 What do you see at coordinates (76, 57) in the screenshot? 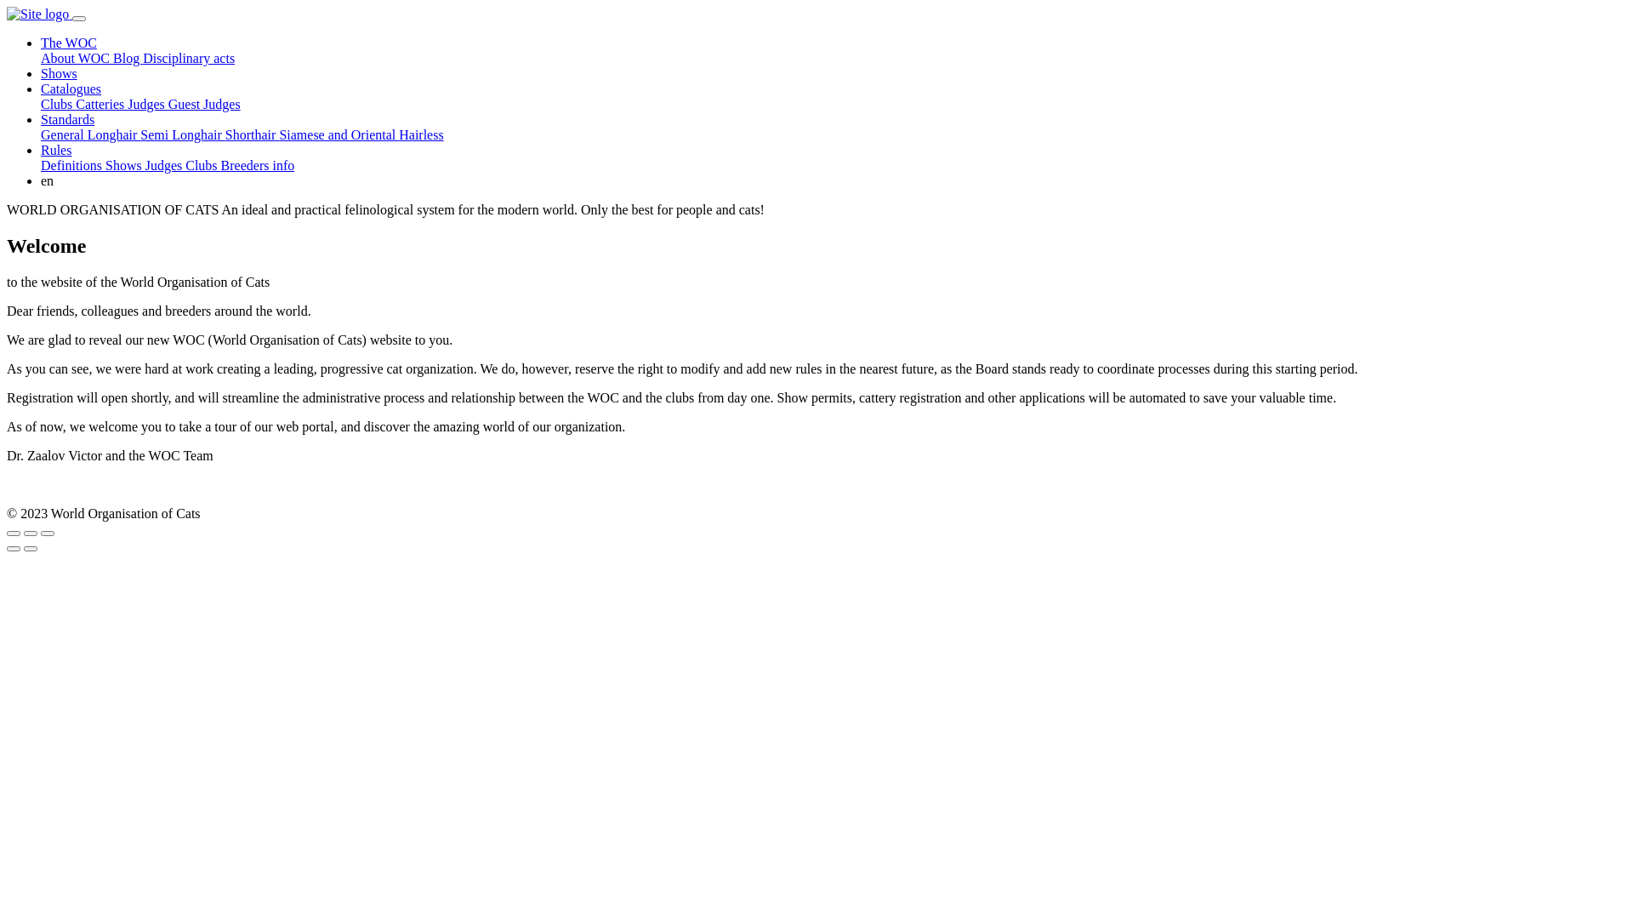
I see `'About WOC'` at bounding box center [76, 57].